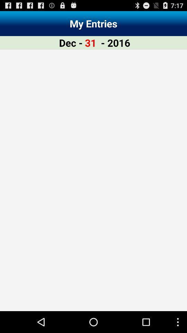 The height and width of the screenshot is (333, 187). Describe the element at coordinates (115, 42) in the screenshot. I see `item next to 31 item` at that location.